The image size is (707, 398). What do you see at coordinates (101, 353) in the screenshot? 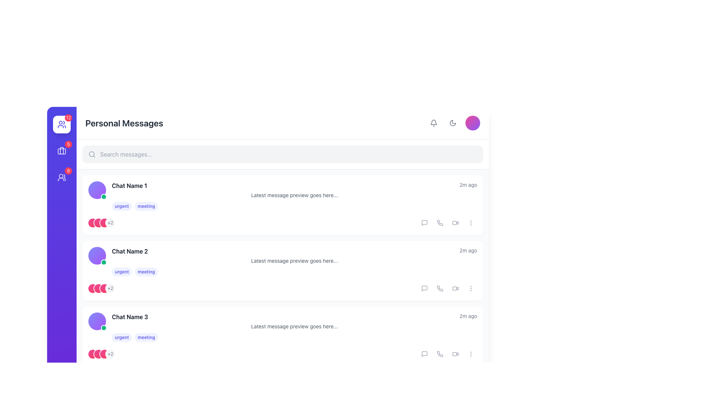
I see `the informational badge icon with the text '+2'` at bounding box center [101, 353].